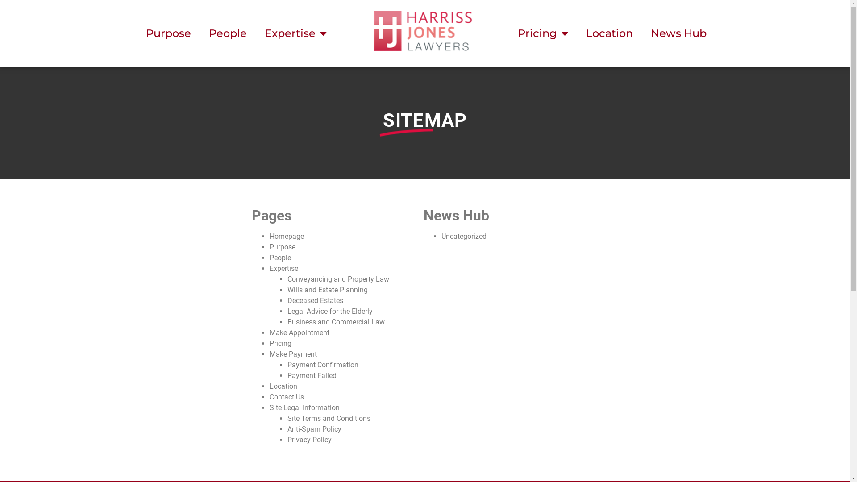  I want to click on 'Conveyancing and Property Law', so click(338, 278).